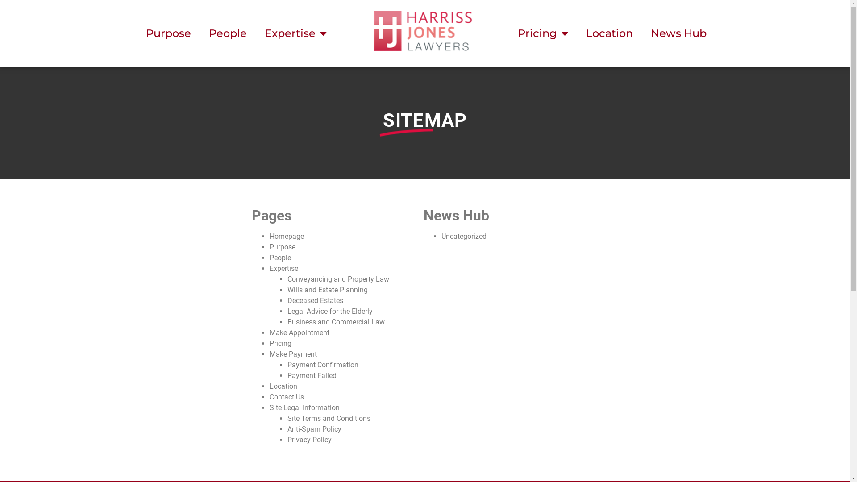  I want to click on 'Conveyancing and Property Law', so click(338, 278).